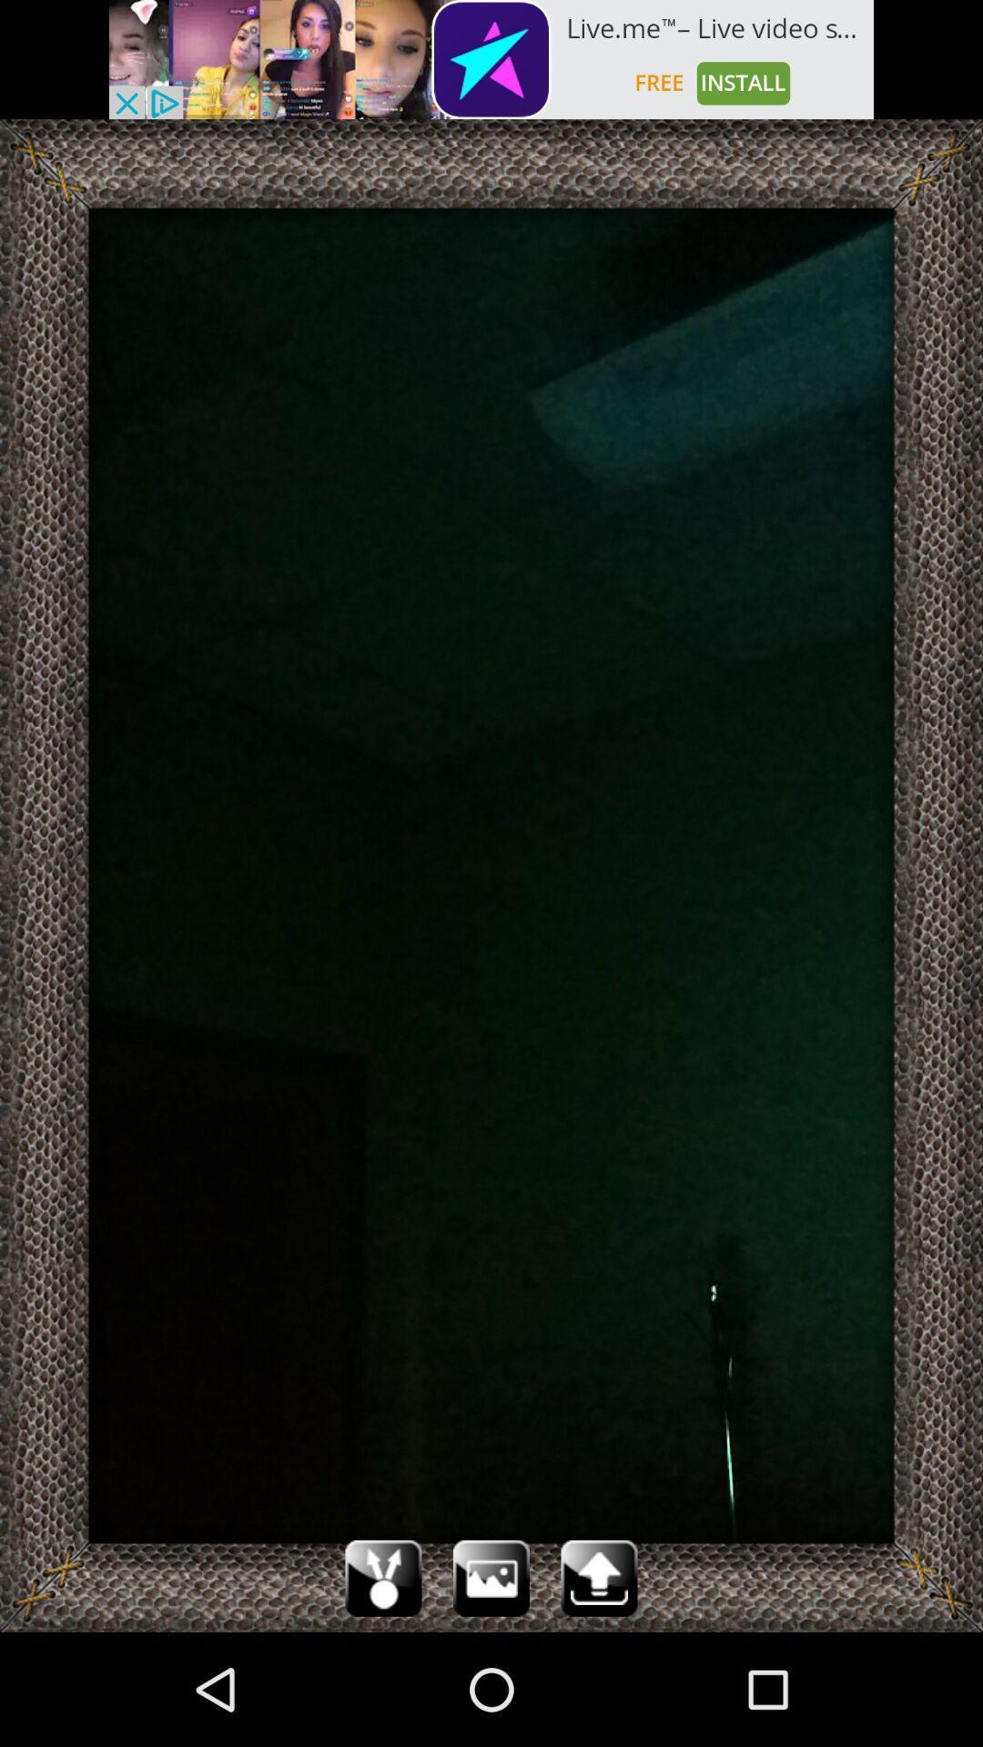 The image size is (983, 1747). What do you see at coordinates (491, 59) in the screenshot?
I see `advertisement link` at bounding box center [491, 59].